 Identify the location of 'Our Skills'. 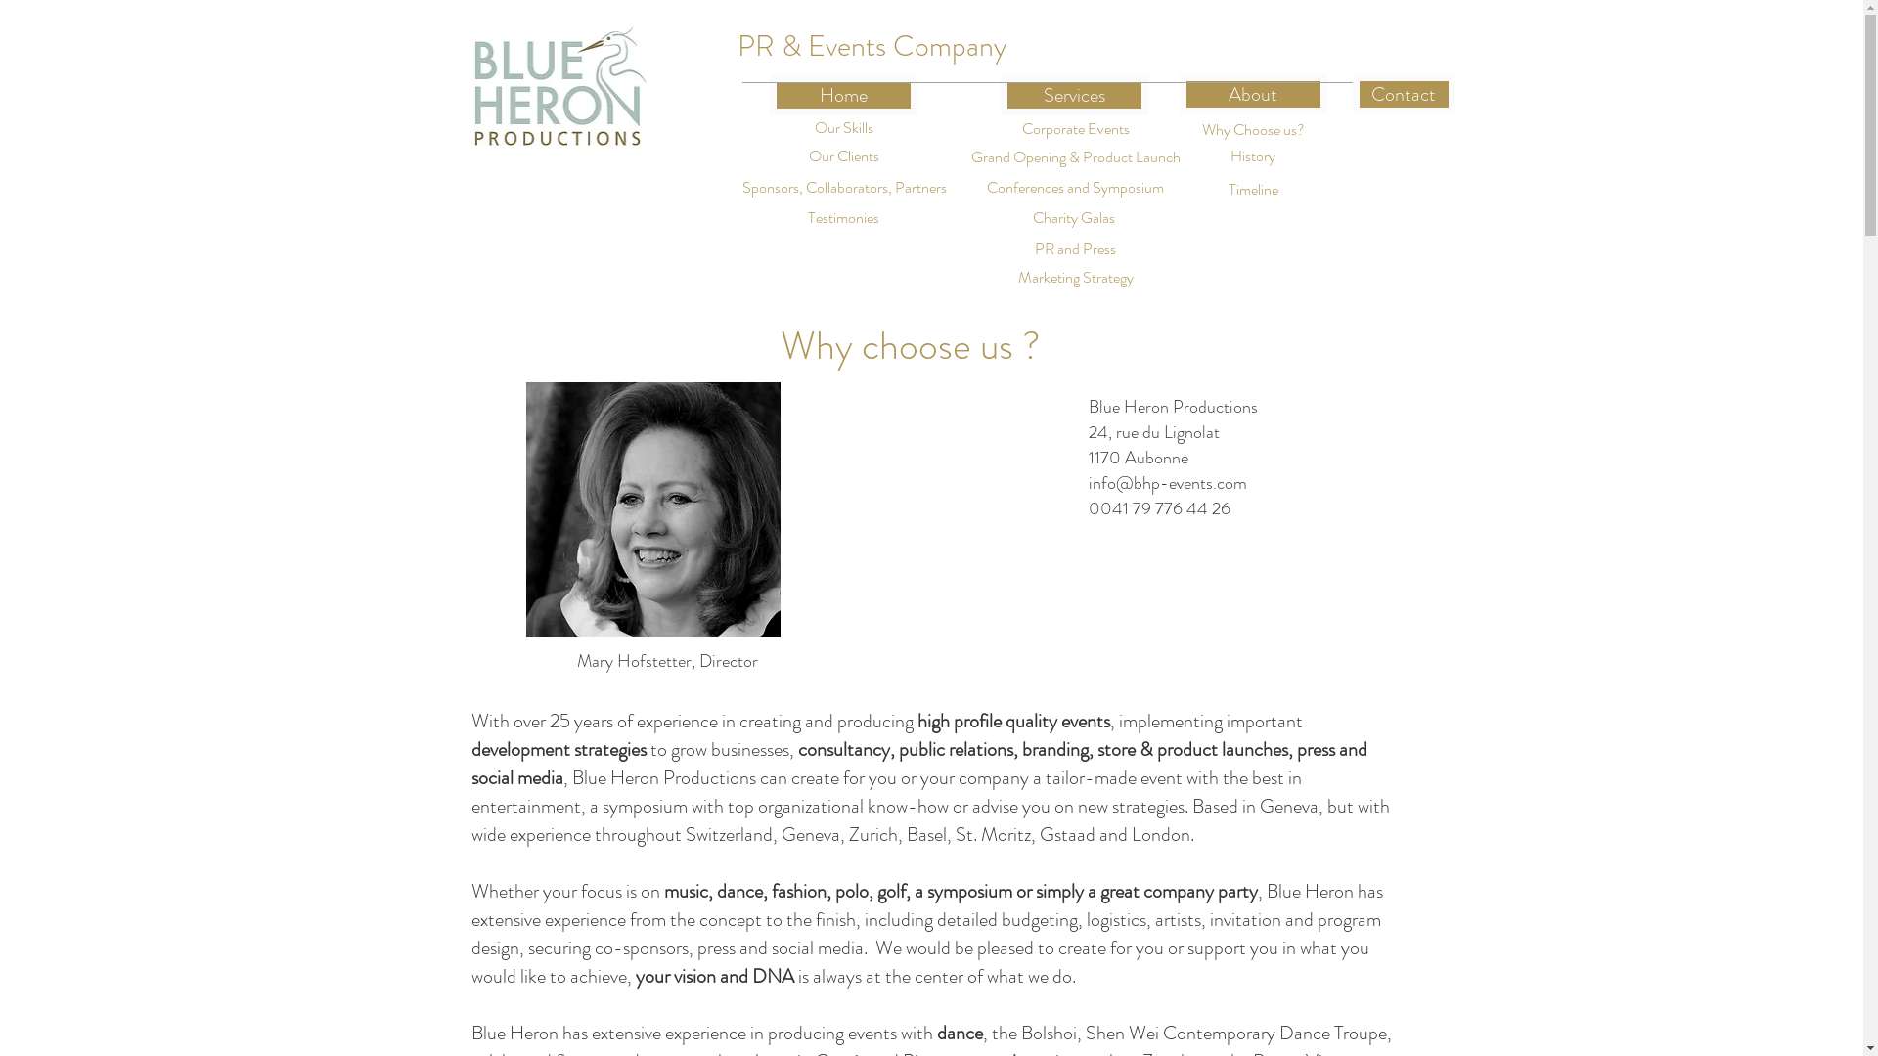
(774, 128).